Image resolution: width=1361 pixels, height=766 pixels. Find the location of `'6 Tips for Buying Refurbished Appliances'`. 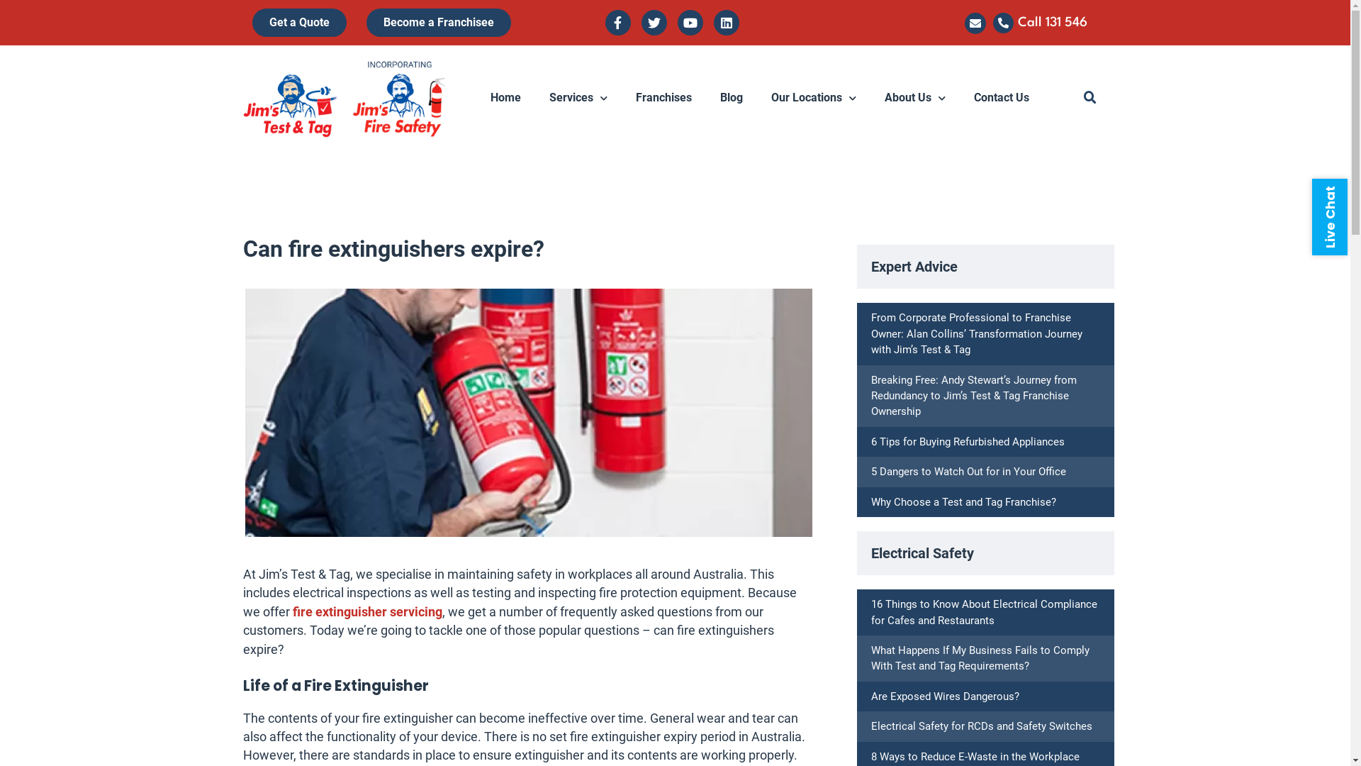

'6 Tips for Buying Refurbished Appliances' is located at coordinates (870, 441).